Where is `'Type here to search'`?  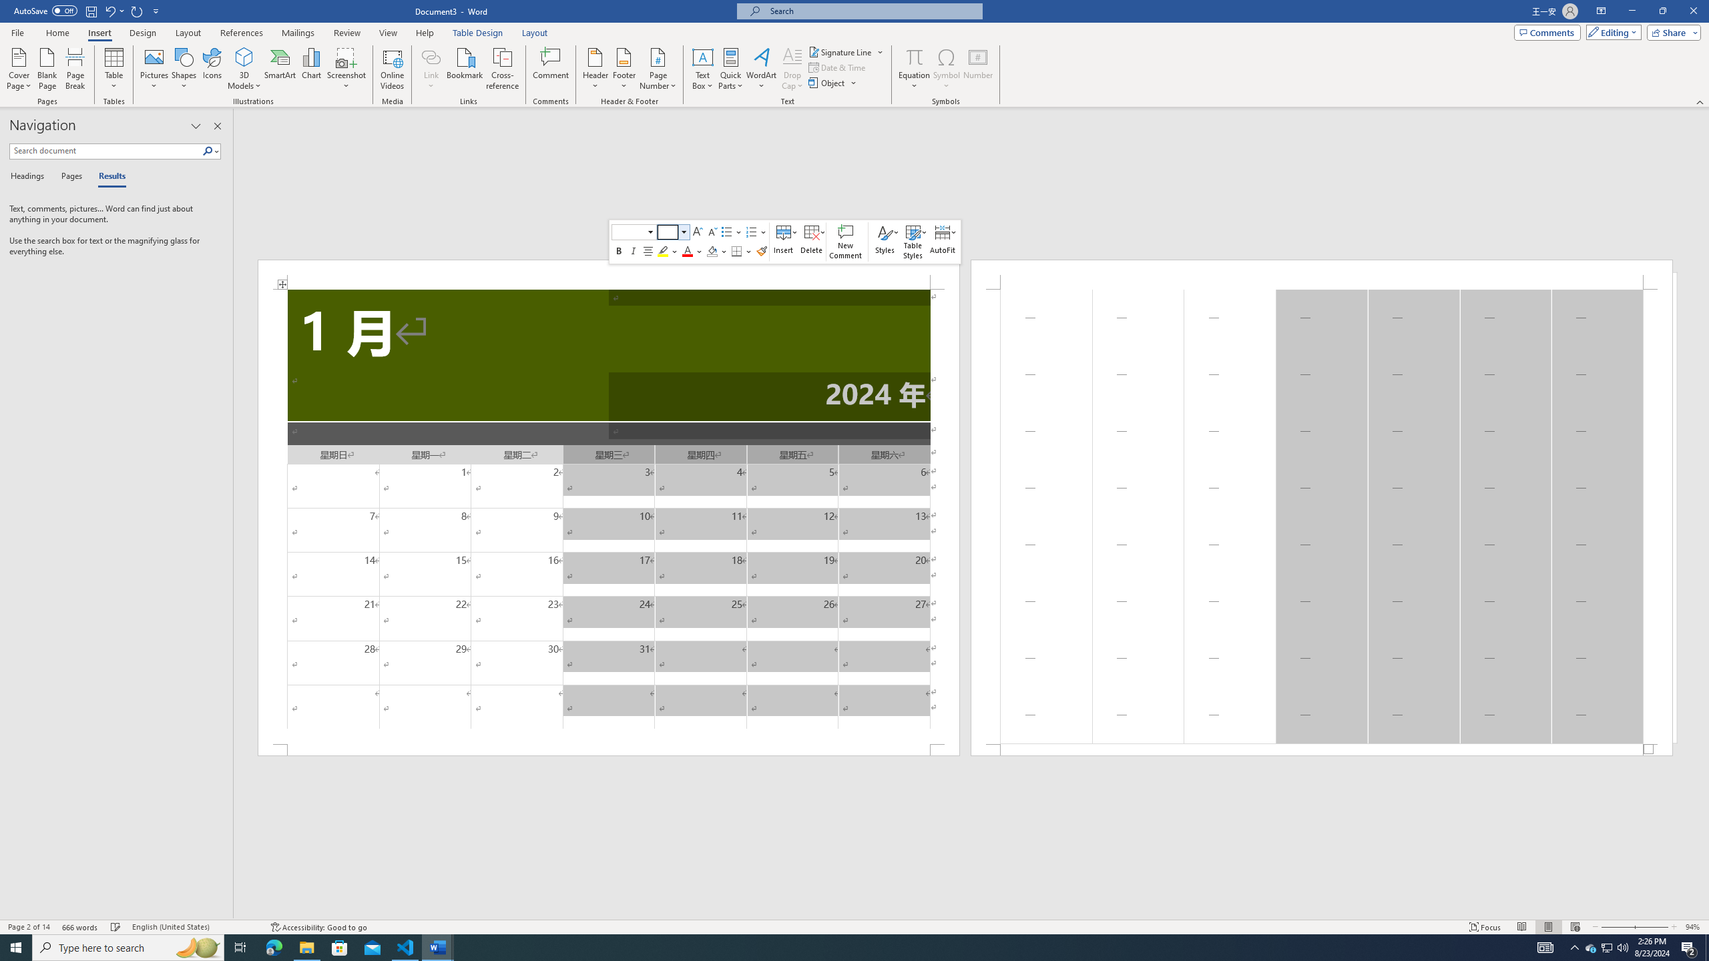
'Type here to search' is located at coordinates (128, 946).